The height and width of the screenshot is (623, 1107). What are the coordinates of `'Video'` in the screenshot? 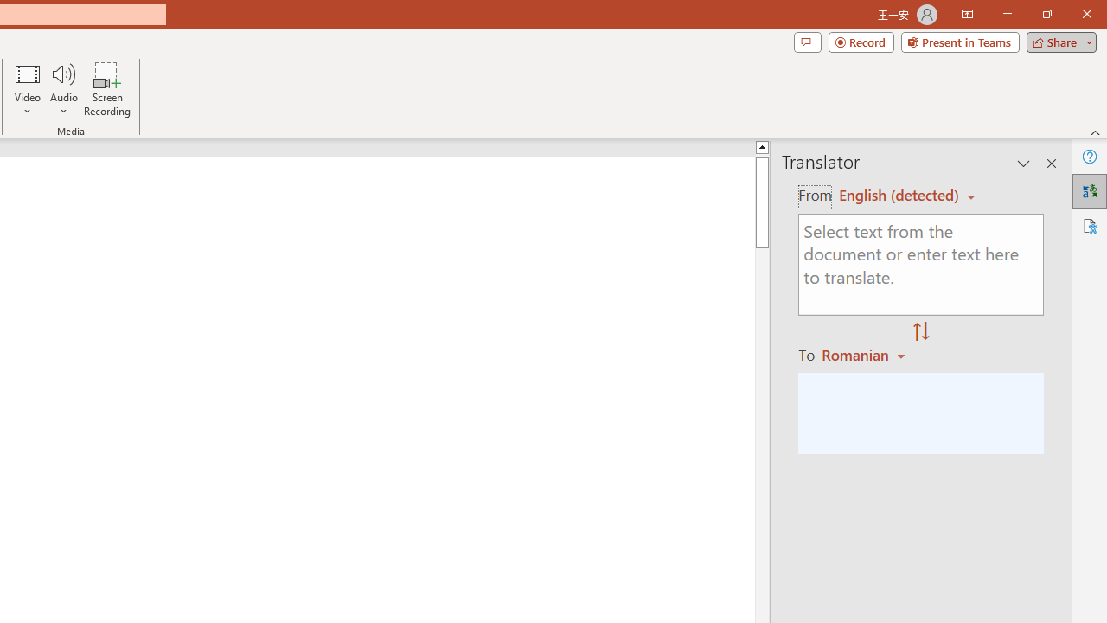 It's located at (28, 89).